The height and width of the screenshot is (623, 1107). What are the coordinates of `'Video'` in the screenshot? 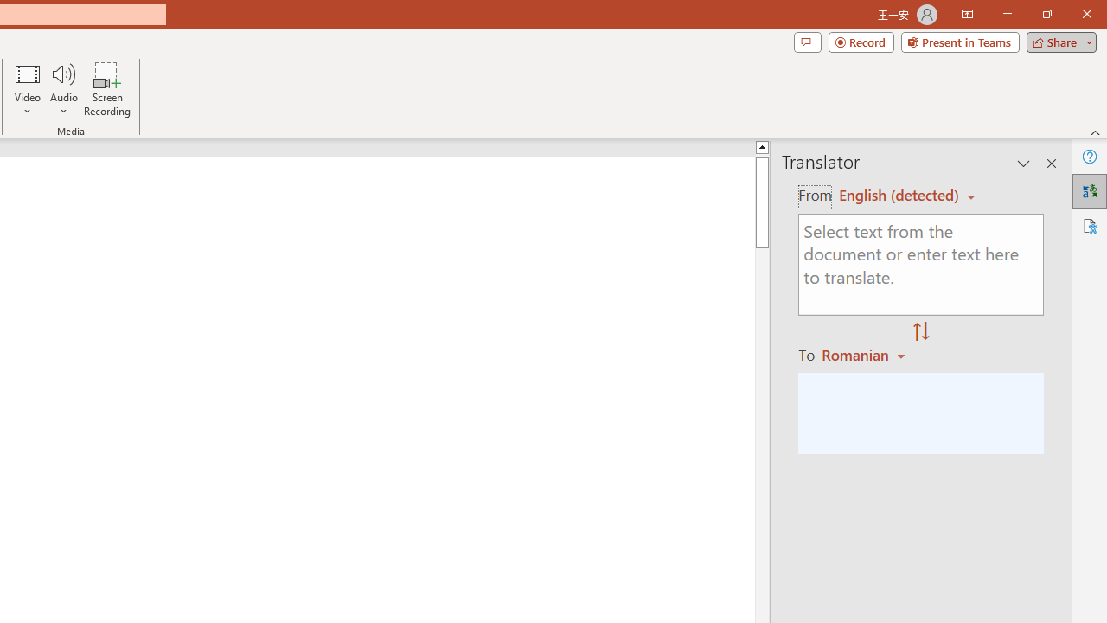 It's located at (28, 89).